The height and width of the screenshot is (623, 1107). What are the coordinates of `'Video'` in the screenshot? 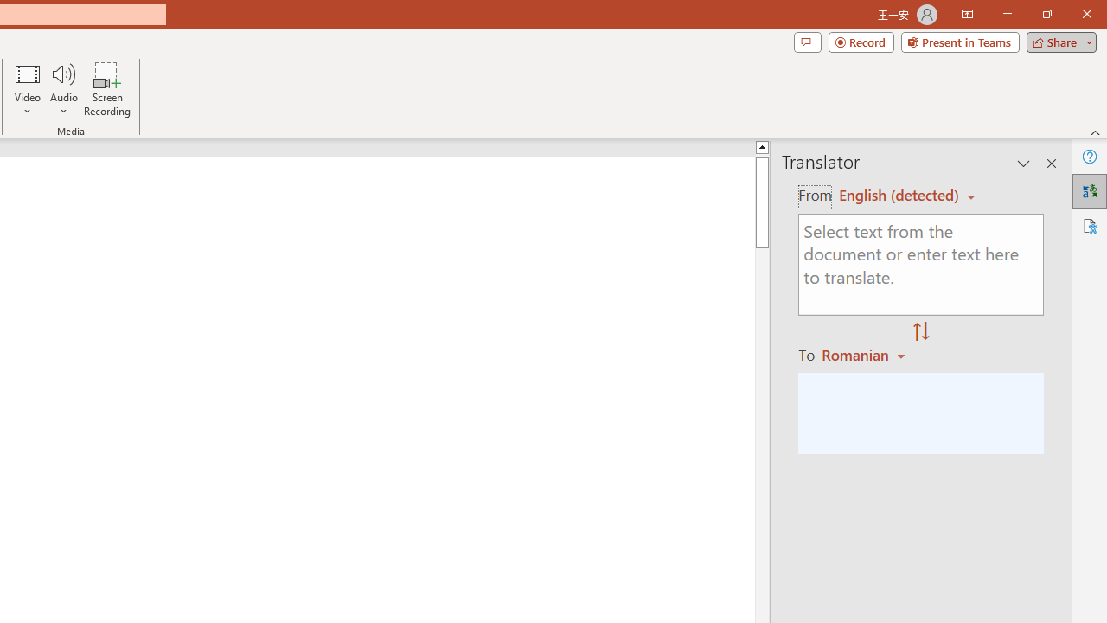 It's located at (28, 89).